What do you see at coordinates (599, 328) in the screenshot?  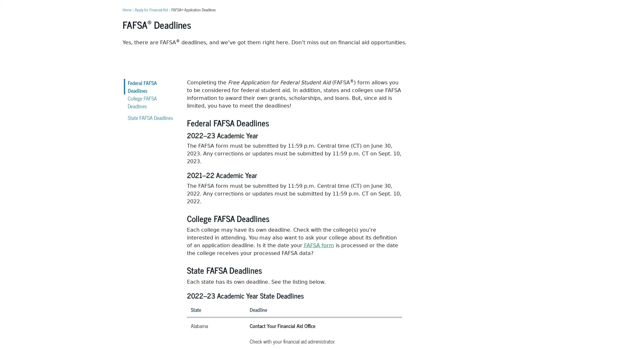 I see `Initiate Chat` at bounding box center [599, 328].